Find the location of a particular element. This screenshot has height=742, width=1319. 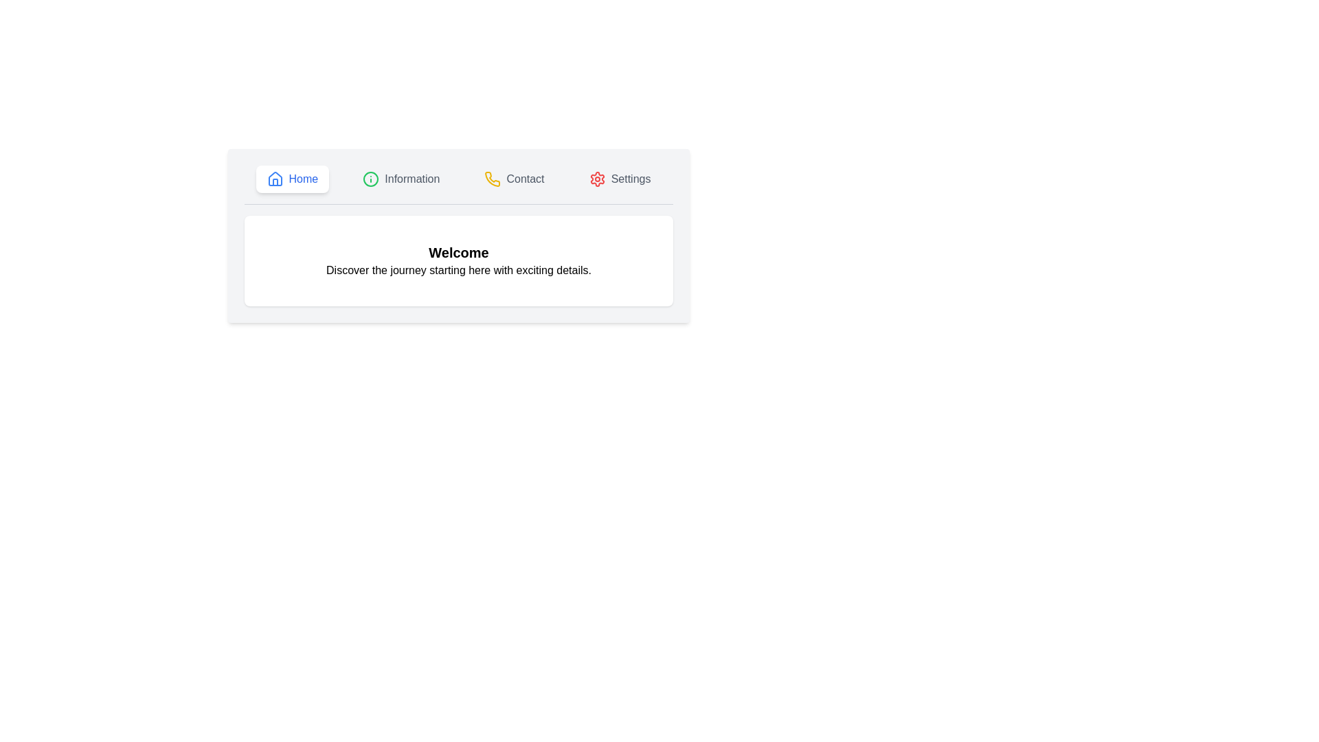

the navigation button located between the 'Home' button on the left and the 'Contact' button on the right is located at coordinates (401, 179).